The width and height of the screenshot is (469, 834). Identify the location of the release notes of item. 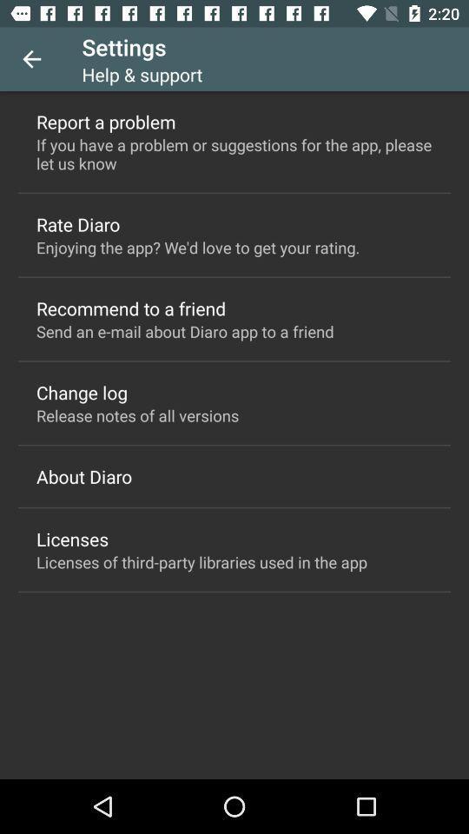
(136, 415).